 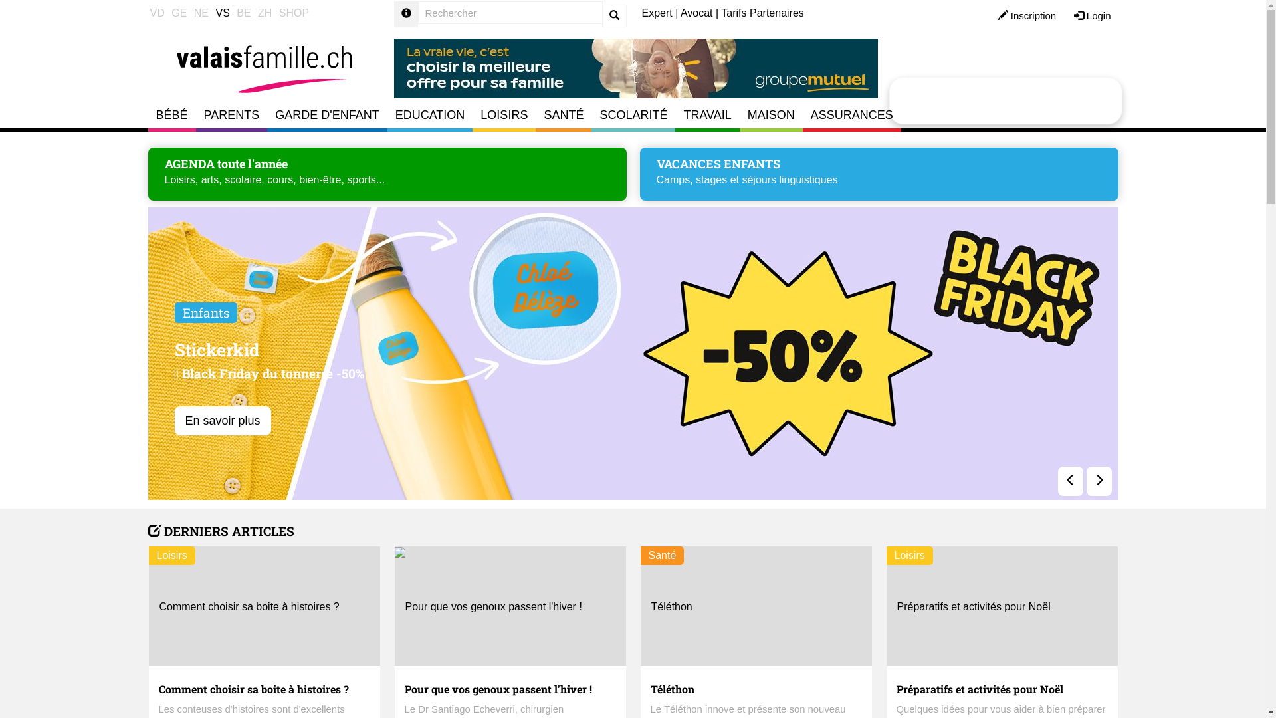 What do you see at coordinates (232, 114) in the screenshot?
I see `'PARENTS'` at bounding box center [232, 114].